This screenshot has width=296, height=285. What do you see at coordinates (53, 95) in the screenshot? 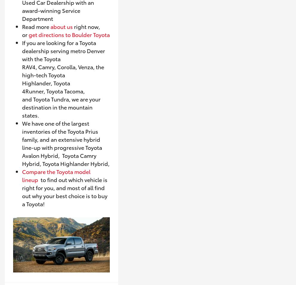
I see `'Toyota Tacoma, and'` at bounding box center [53, 95].